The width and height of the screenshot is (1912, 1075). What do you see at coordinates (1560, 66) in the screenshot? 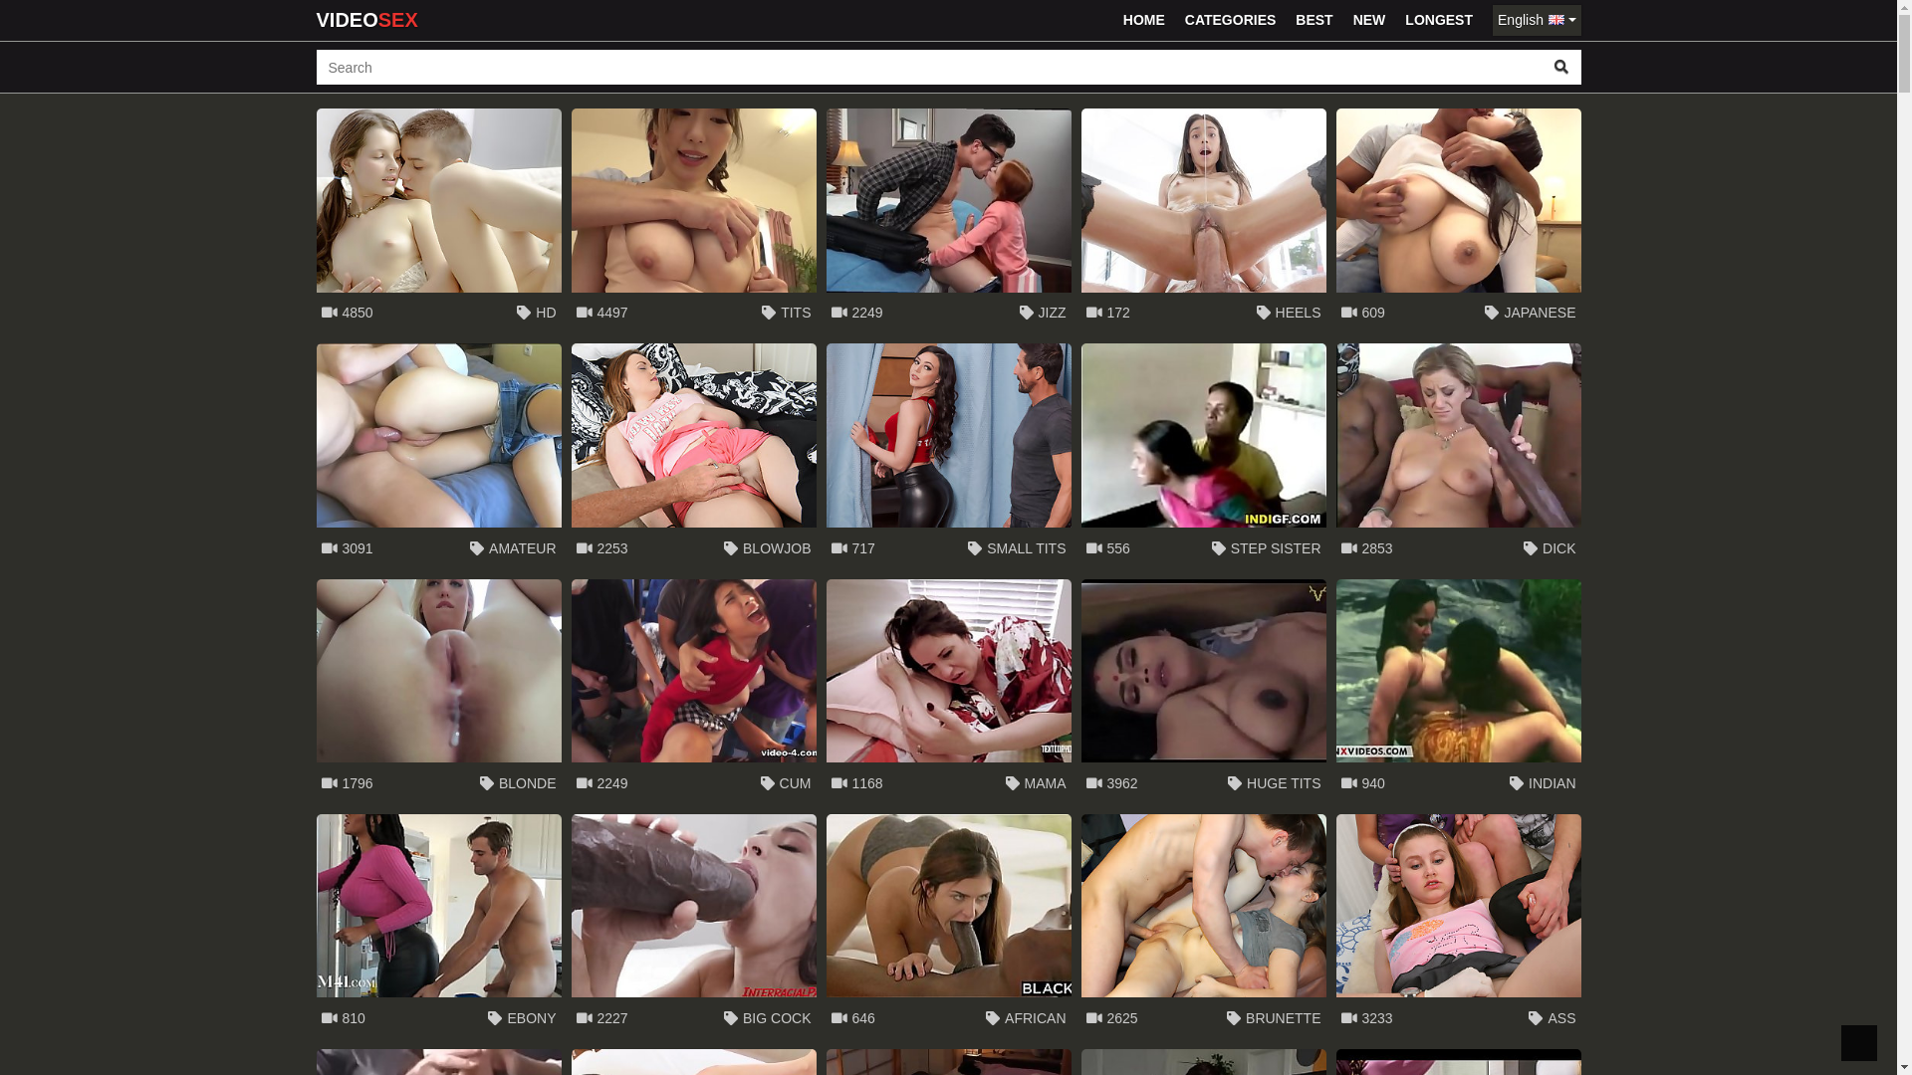
I see `'Search'` at bounding box center [1560, 66].